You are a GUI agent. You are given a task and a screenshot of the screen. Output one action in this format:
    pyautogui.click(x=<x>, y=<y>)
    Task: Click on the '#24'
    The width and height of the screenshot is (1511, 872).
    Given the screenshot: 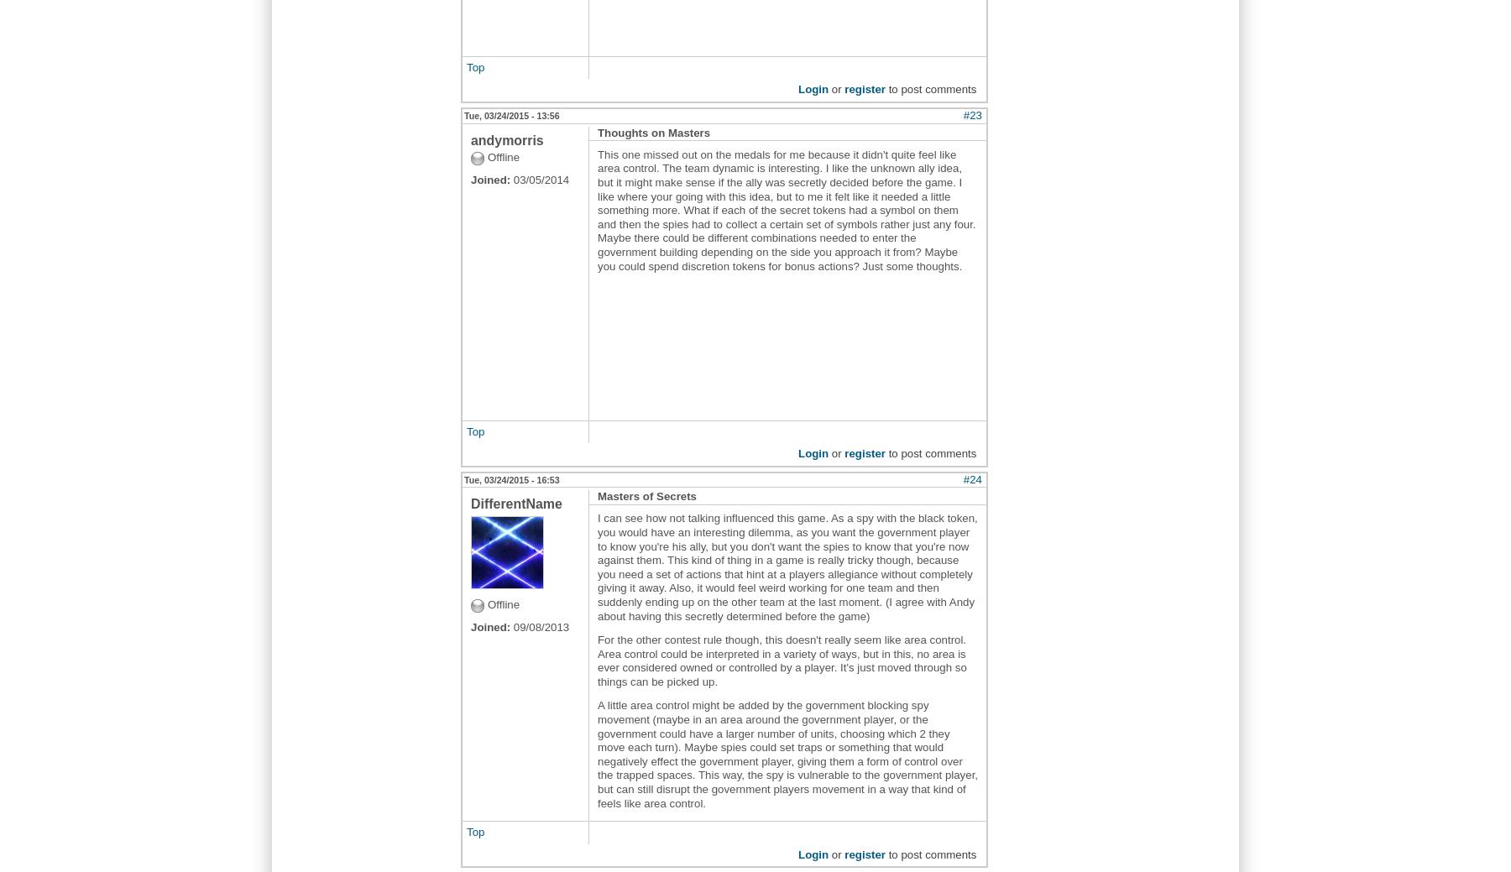 What is the action you would take?
    pyautogui.click(x=971, y=478)
    